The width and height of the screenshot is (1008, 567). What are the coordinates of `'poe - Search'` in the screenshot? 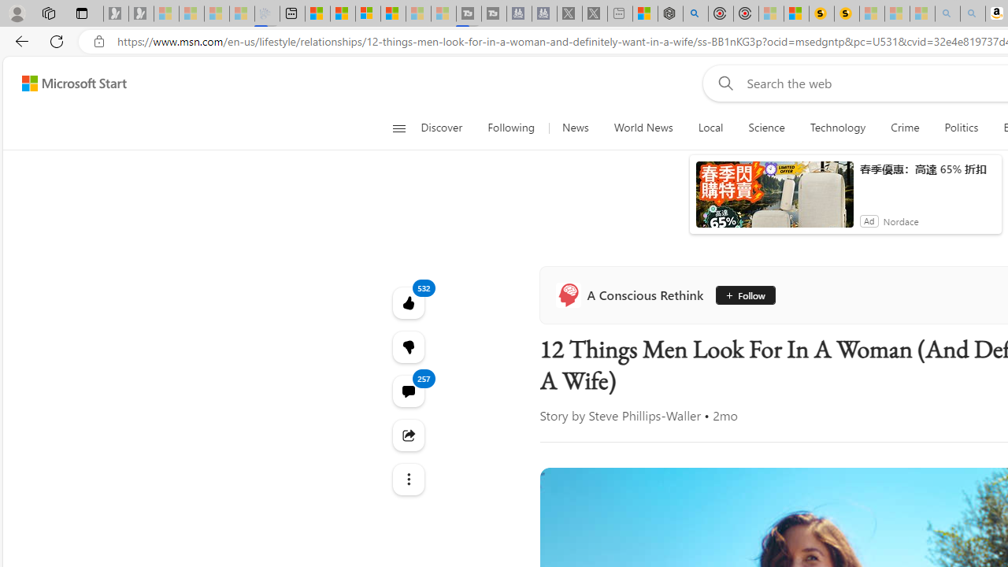 It's located at (686, 13).